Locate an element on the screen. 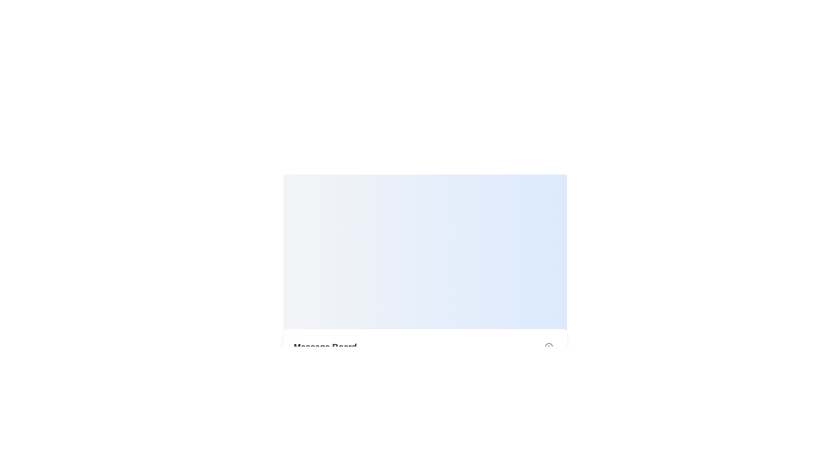 The height and width of the screenshot is (461, 821). the circular gray button with a plus sign inside, located at the far right of the 'Message Board' section, to observe the hover effect is located at coordinates (549, 347).